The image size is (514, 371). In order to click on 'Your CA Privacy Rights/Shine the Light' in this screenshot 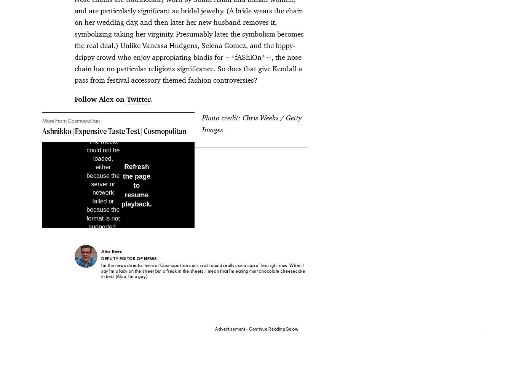, I will do `click(197, 353)`.